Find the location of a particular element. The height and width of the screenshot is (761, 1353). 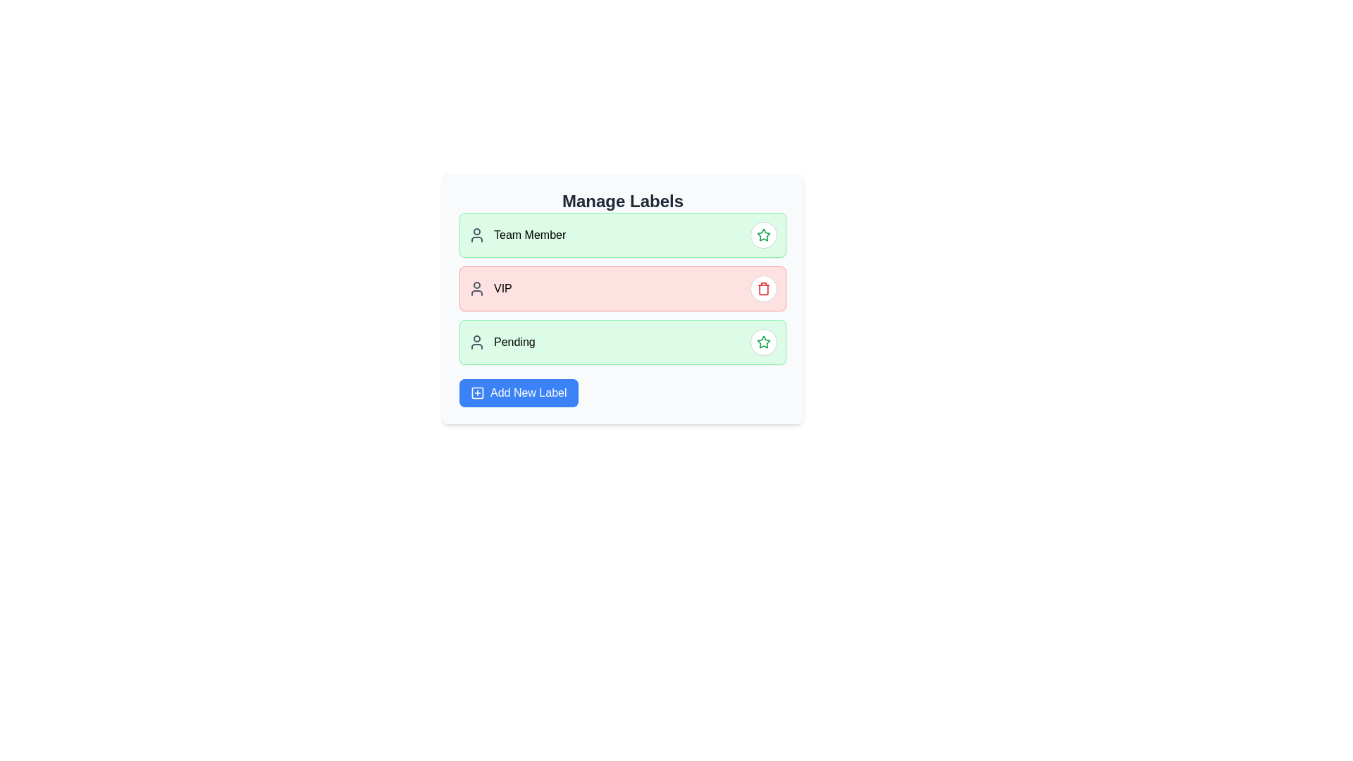

the 'Add New Label' button located at the bottom-left corner of the label management interface is located at coordinates (518, 393).